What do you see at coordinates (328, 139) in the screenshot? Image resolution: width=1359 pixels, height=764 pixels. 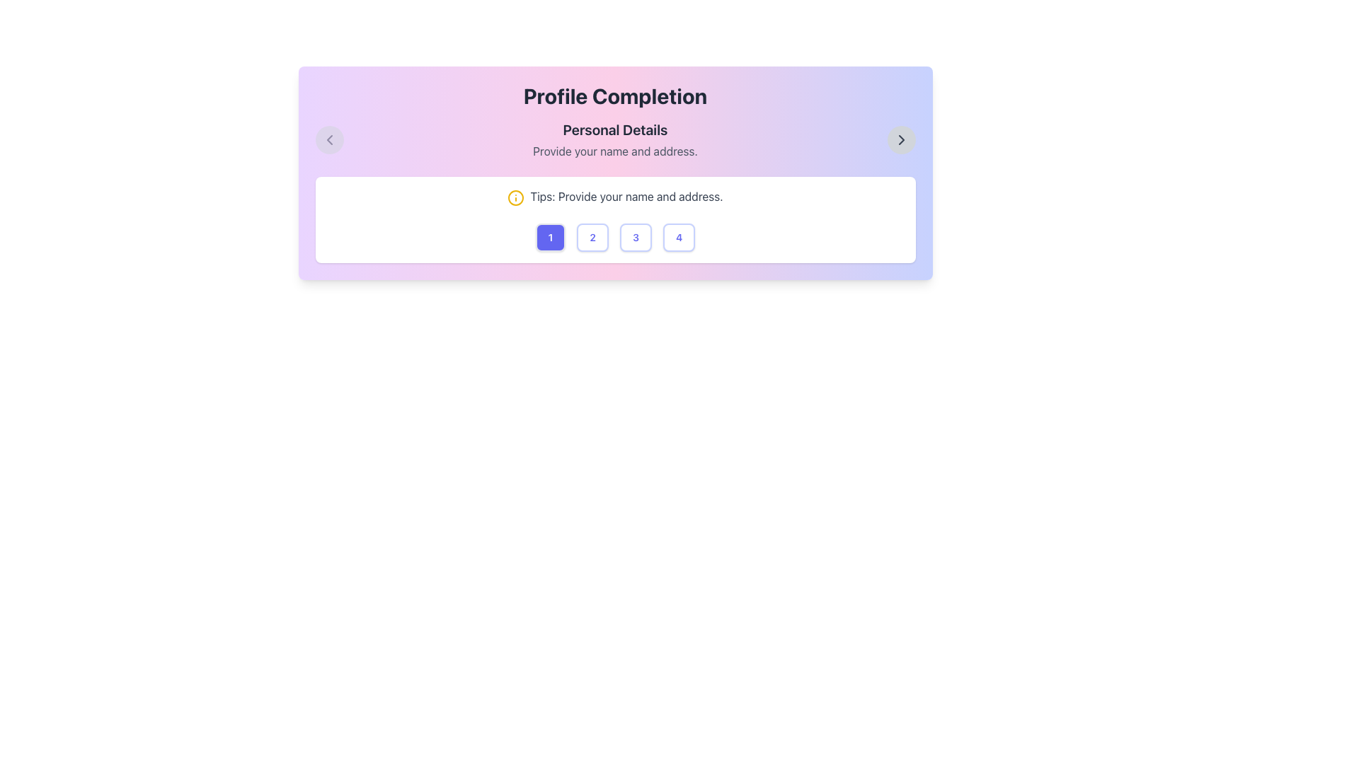 I see `the button located in the header section of the 'Profile Completion' card` at bounding box center [328, 139].